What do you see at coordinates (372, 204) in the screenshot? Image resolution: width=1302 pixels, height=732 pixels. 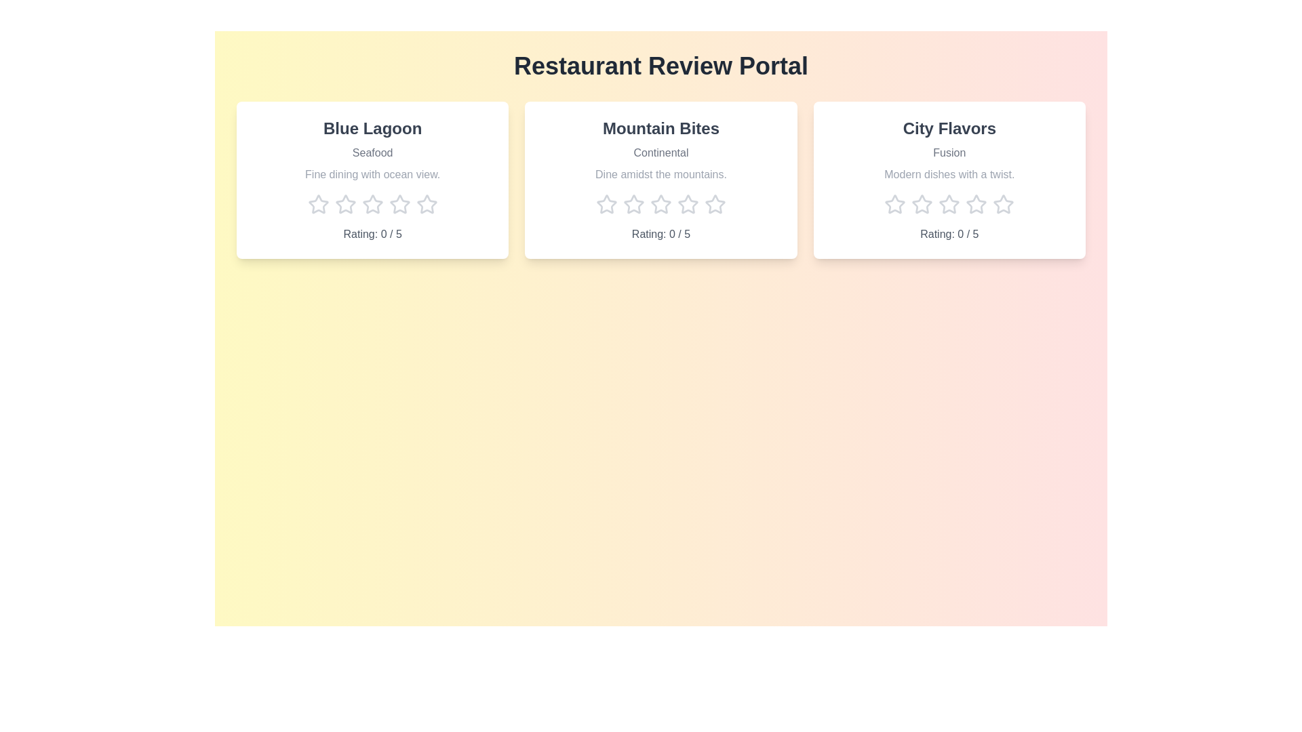 I see `the star corresponding to 3 stars for the 'Blue Lagoon' restaurant` at bounding box center [372, 204].